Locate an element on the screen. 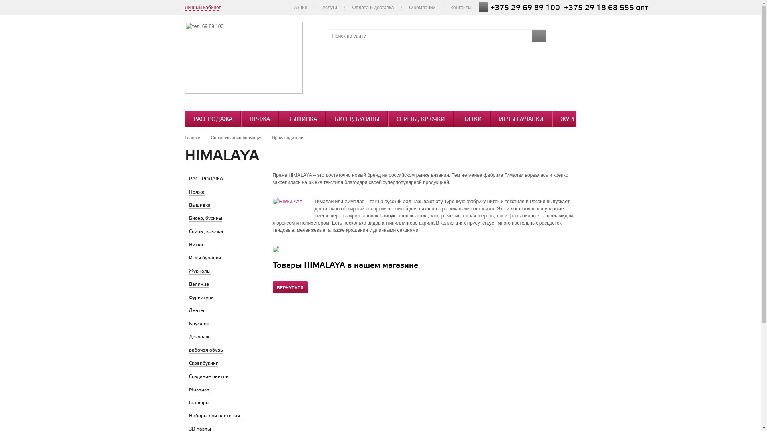 The width and height of the screenshot is (767, 431). 'HIMALAYA' is located at coordinates (287, 201).